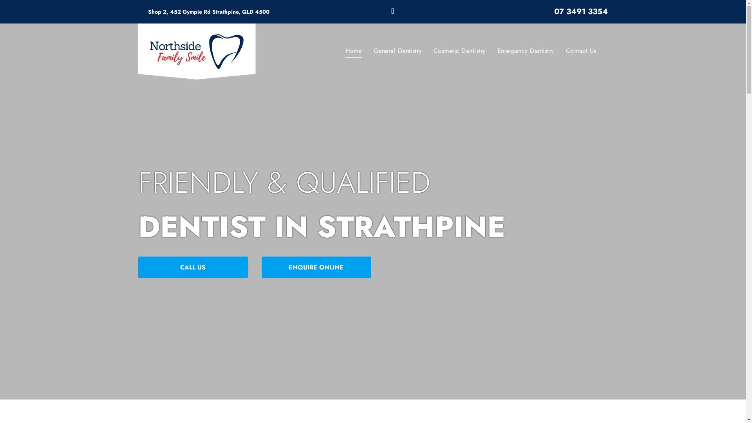  I want to click on 'Cosmetic Dentistry', so click(459, 51).